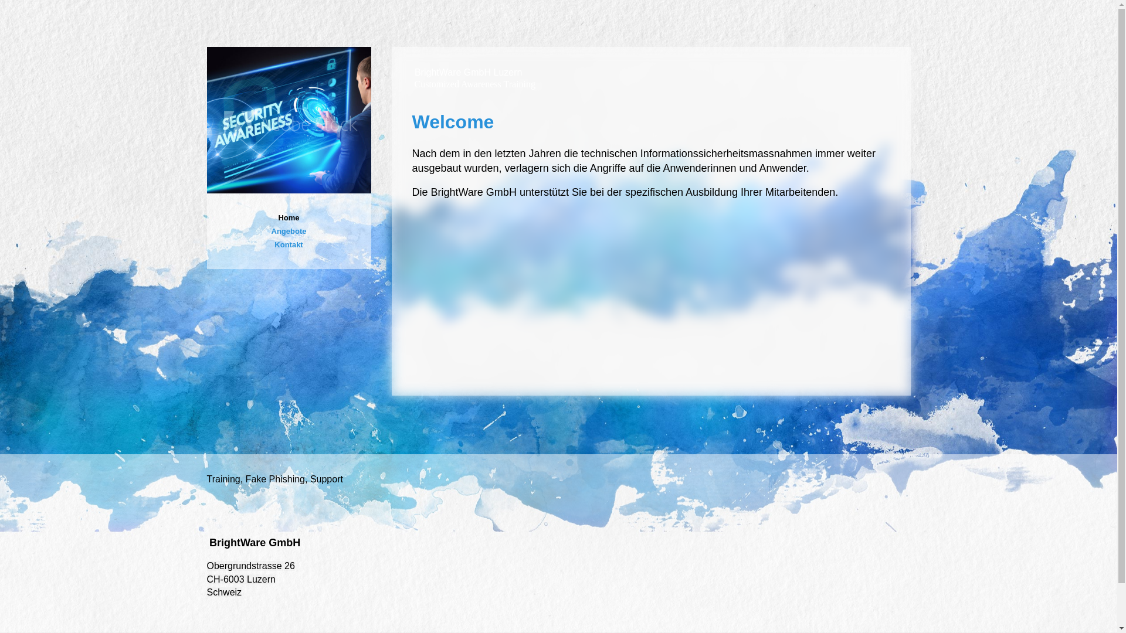  Describe the element at coordinates (288, 217) in the screenshot. I see `'Home'` at that location.